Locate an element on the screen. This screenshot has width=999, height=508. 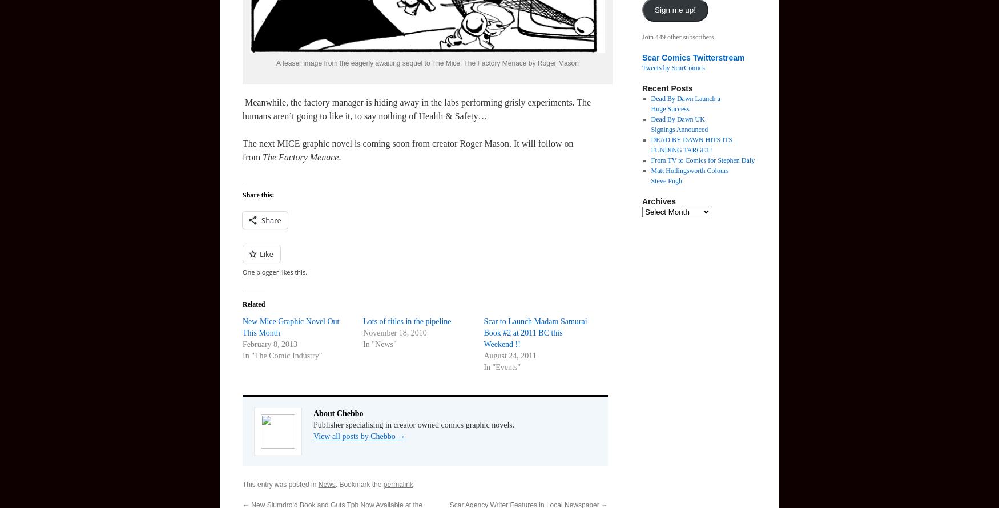
'Meanwhile, the factory manager is hiding away in the labs performing grisly experiments. The humans aren’t going to like it, to say nothing of Health & Safety…' is located at coordinates (416, 109).